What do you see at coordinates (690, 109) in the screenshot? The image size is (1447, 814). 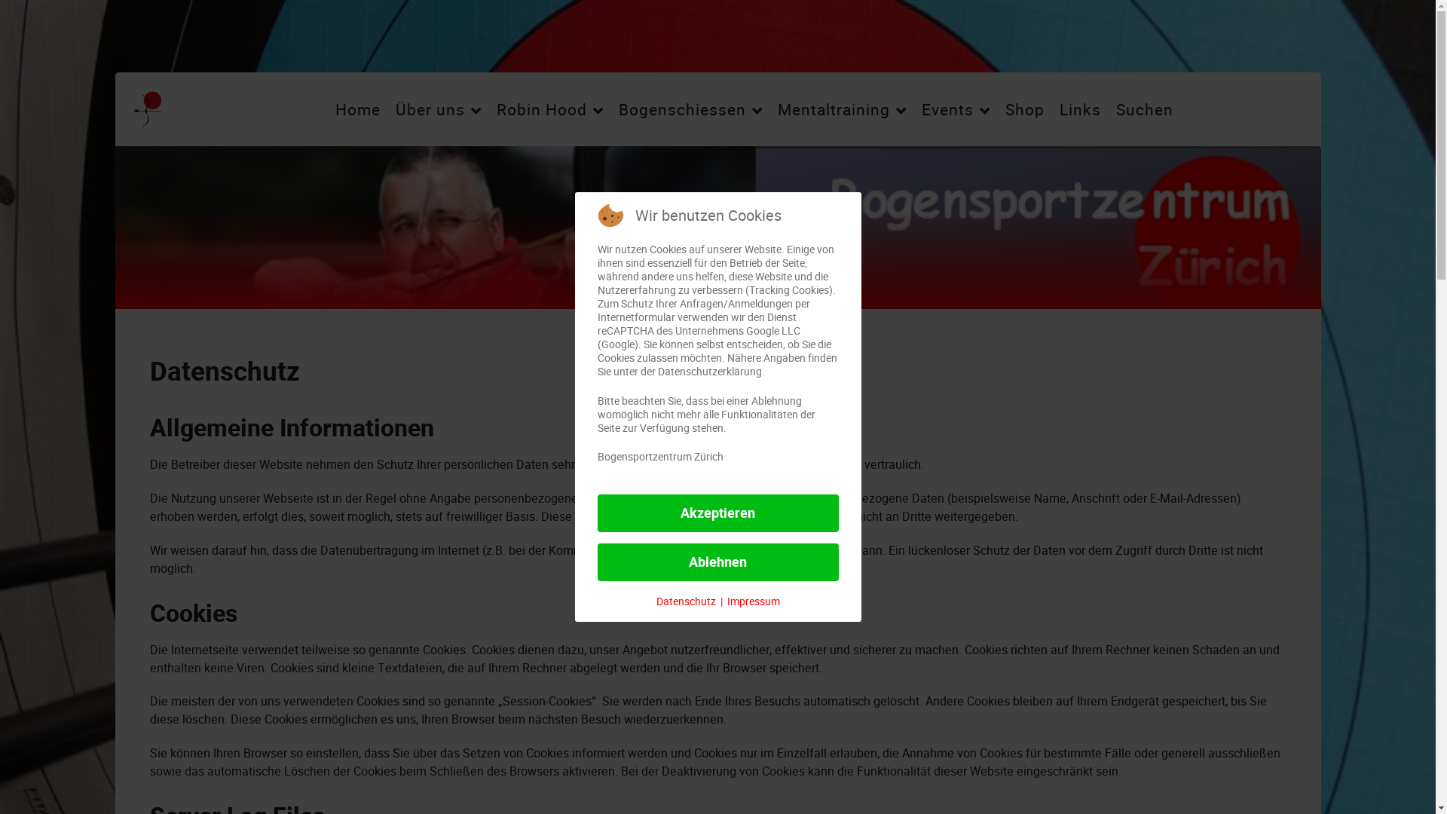 I see `'Bogenschiessen'` at bounding box center [690, 109].